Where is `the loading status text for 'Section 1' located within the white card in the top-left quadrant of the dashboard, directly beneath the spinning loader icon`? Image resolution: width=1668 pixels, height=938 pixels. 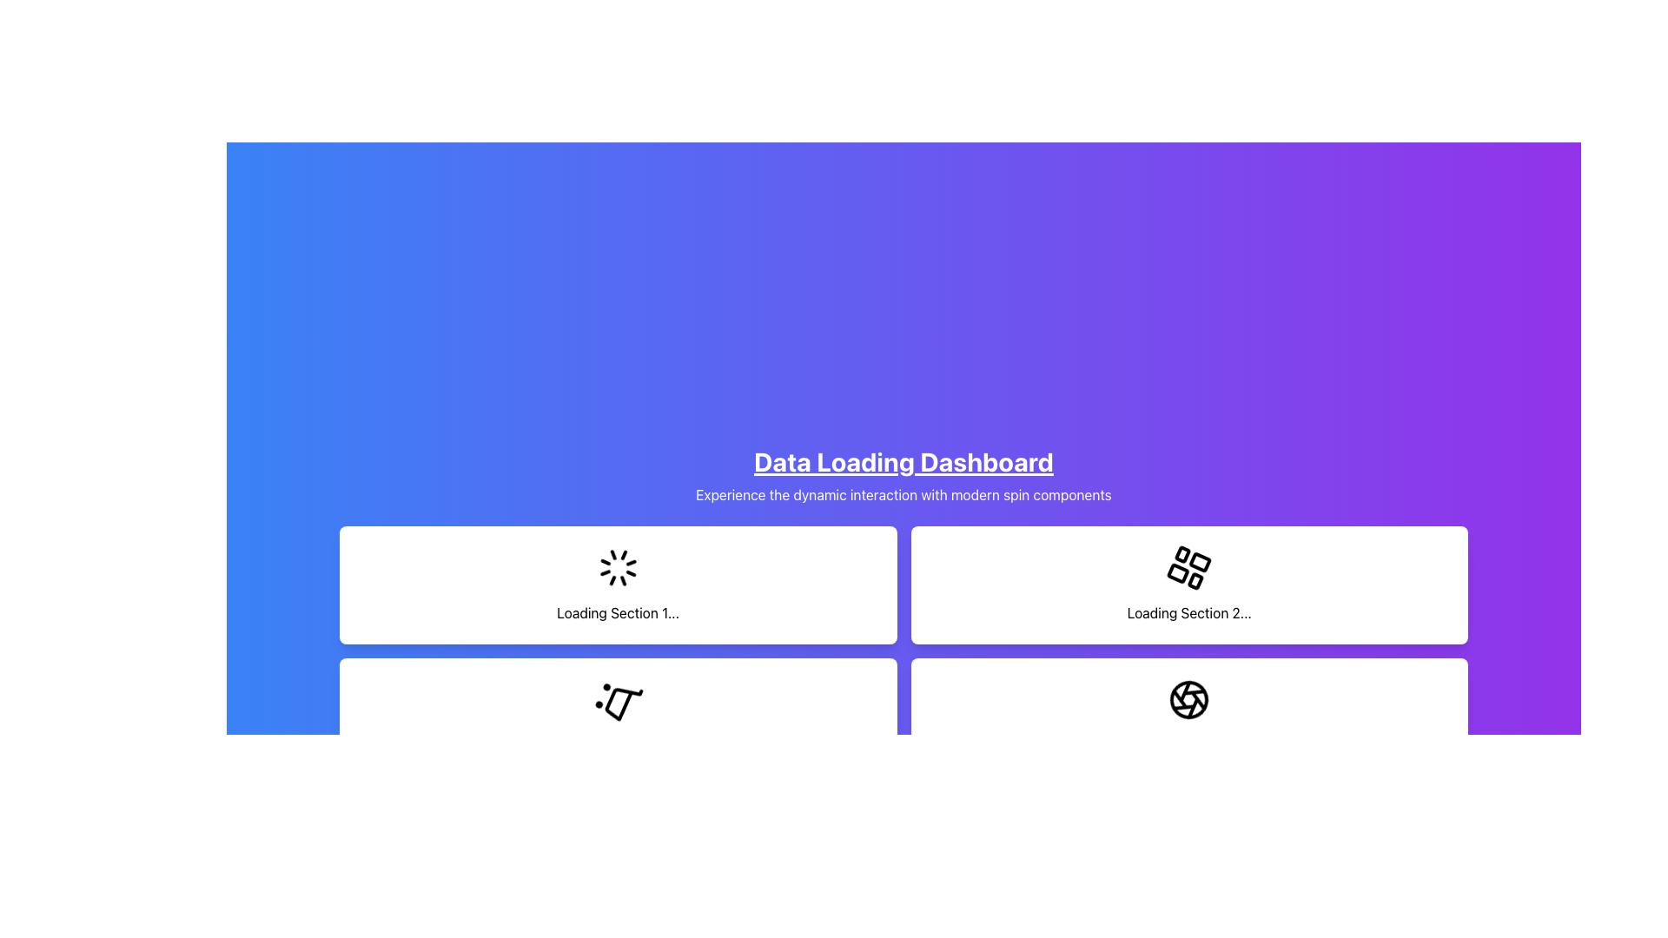 the loading status text for 'Section 1' located within the white card in the top-left quadrant of the dashboard, directly beneath the spinning loader icon is located at coordinates (618, 611).